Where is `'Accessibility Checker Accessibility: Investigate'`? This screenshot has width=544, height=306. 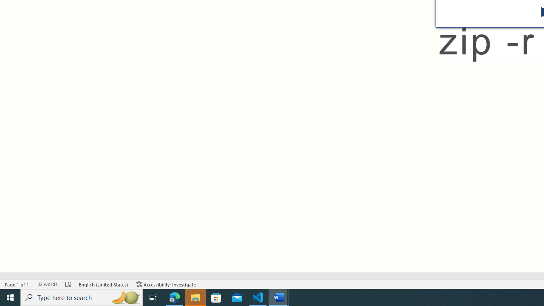
'Accessibility Checker Accessibility: Investigate' is located at coordinates (166, 284).